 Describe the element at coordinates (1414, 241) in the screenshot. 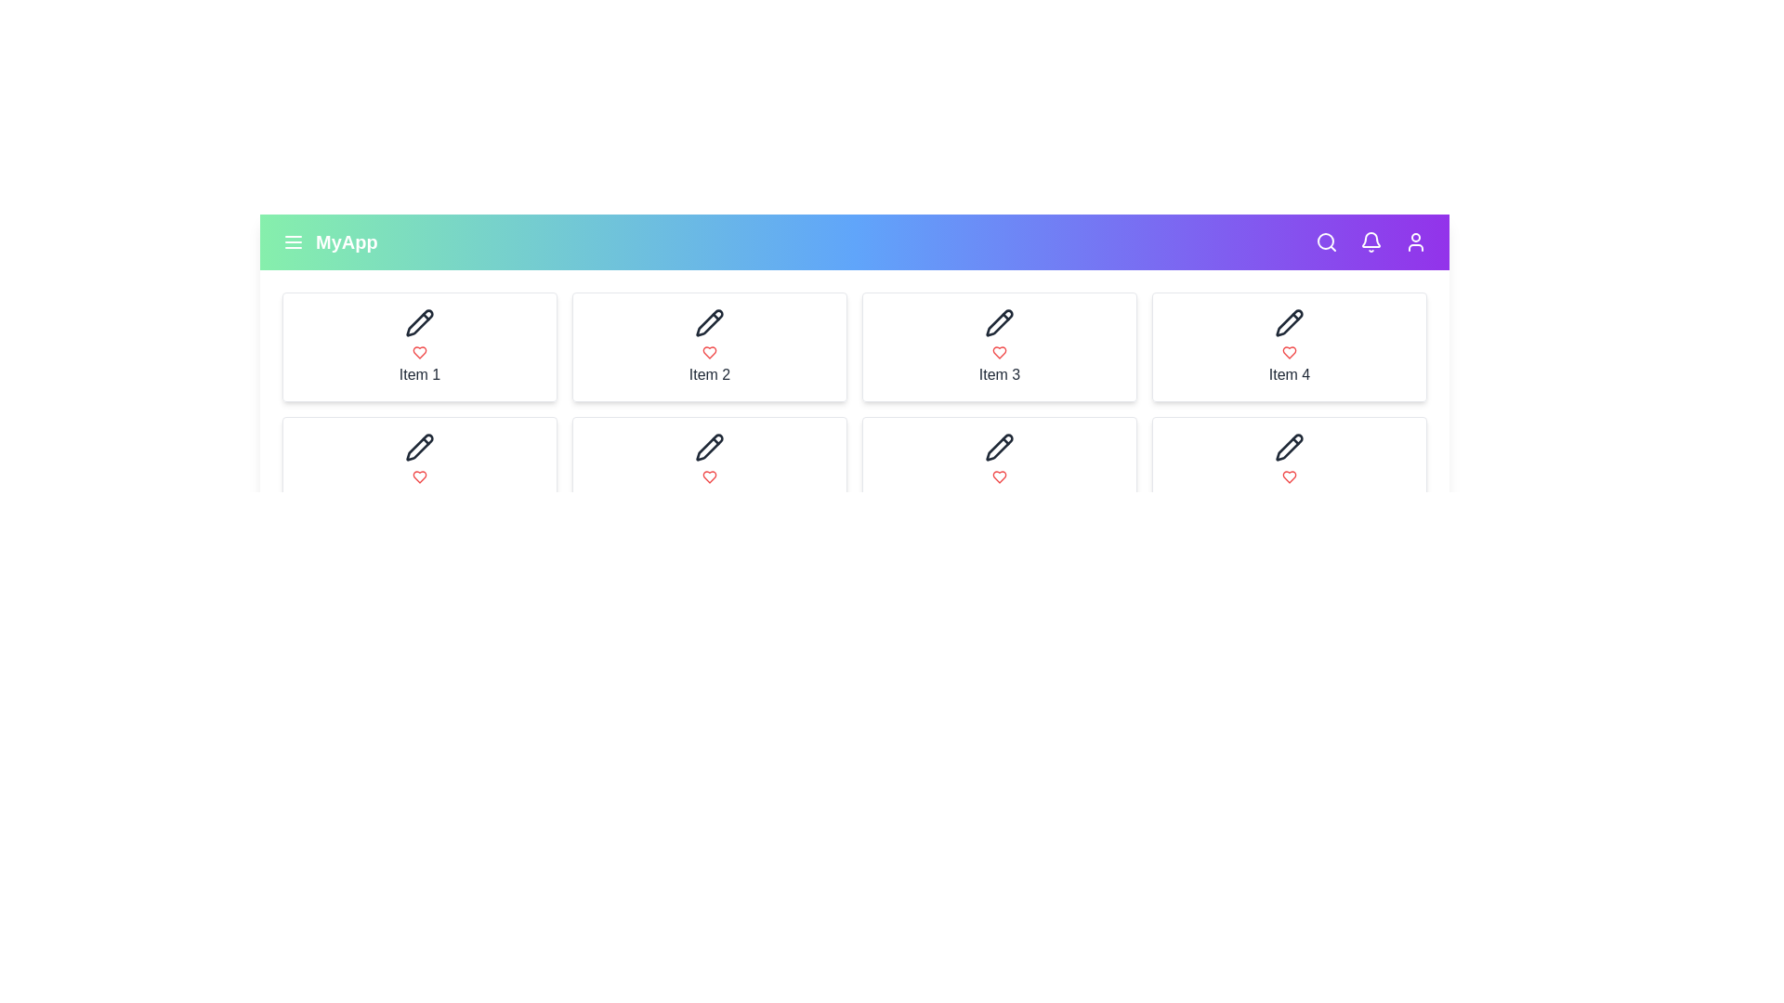

I see `the user icon to access user-related features` at that location.